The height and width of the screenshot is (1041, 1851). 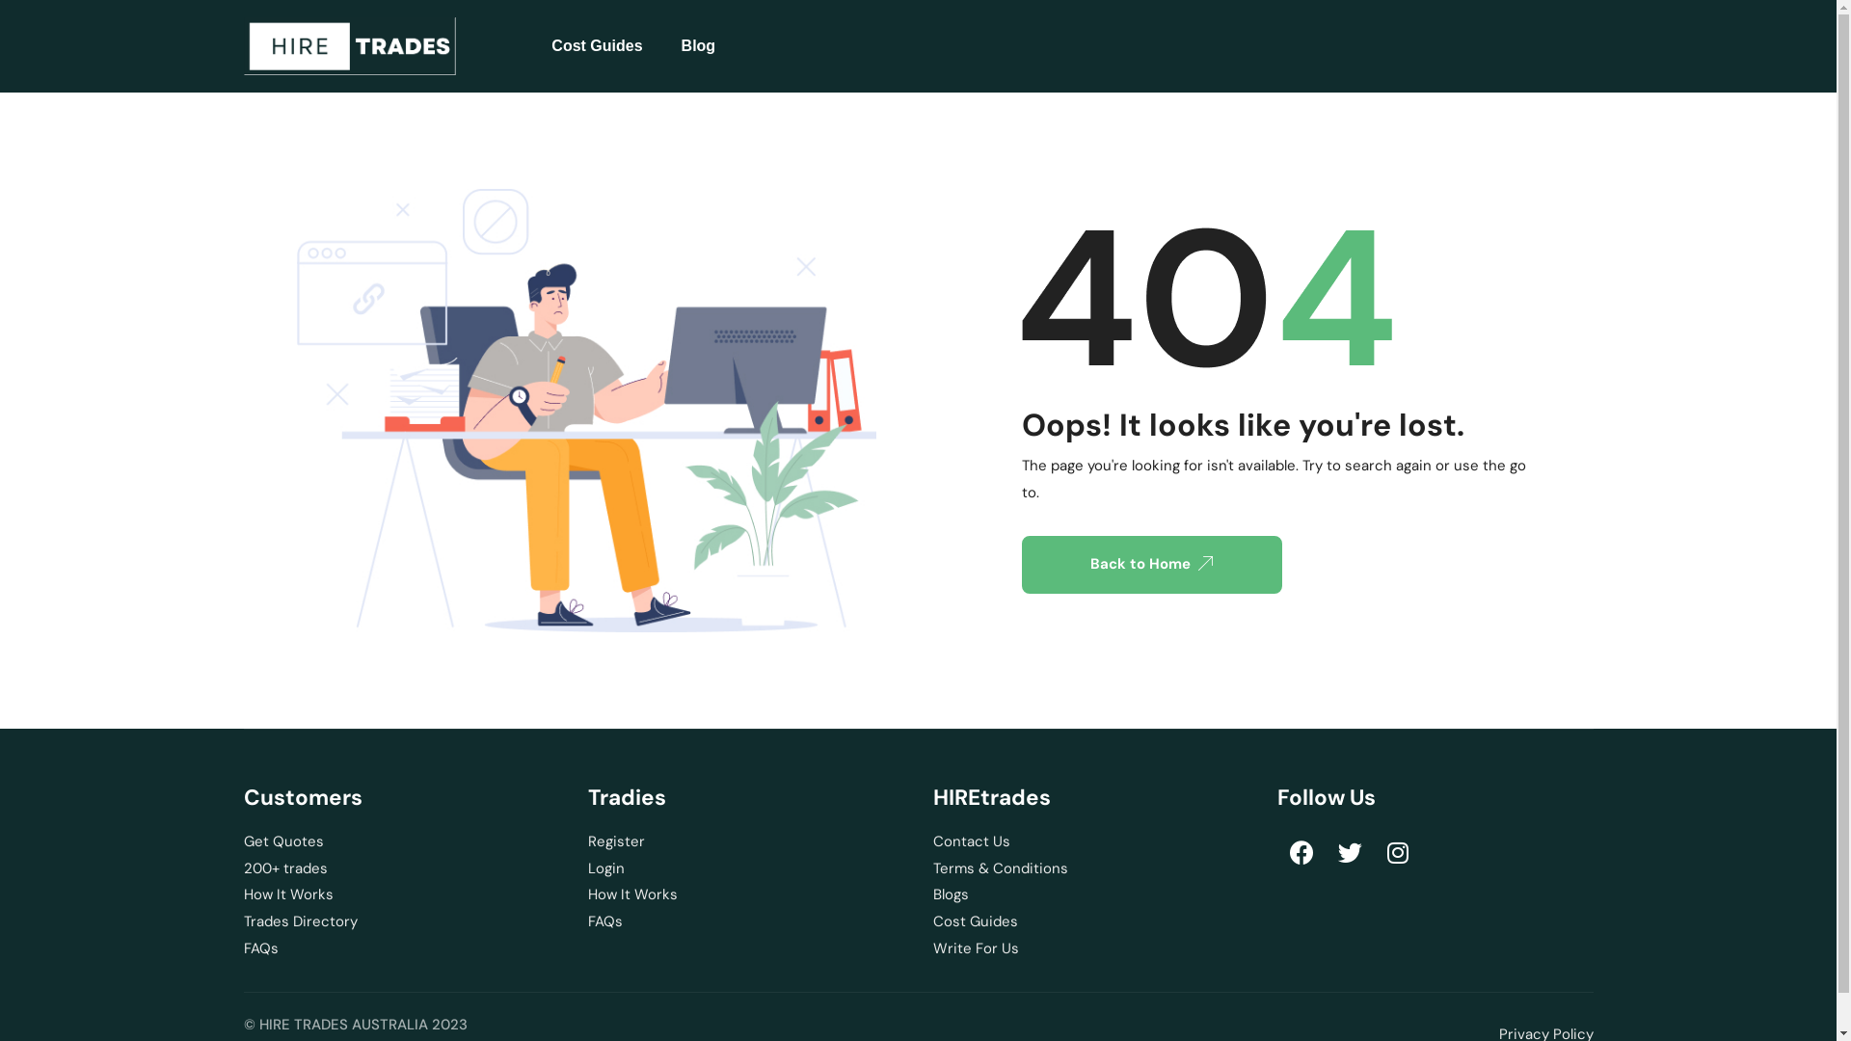 I want to click on 'Register', so click(x=586, y=841).